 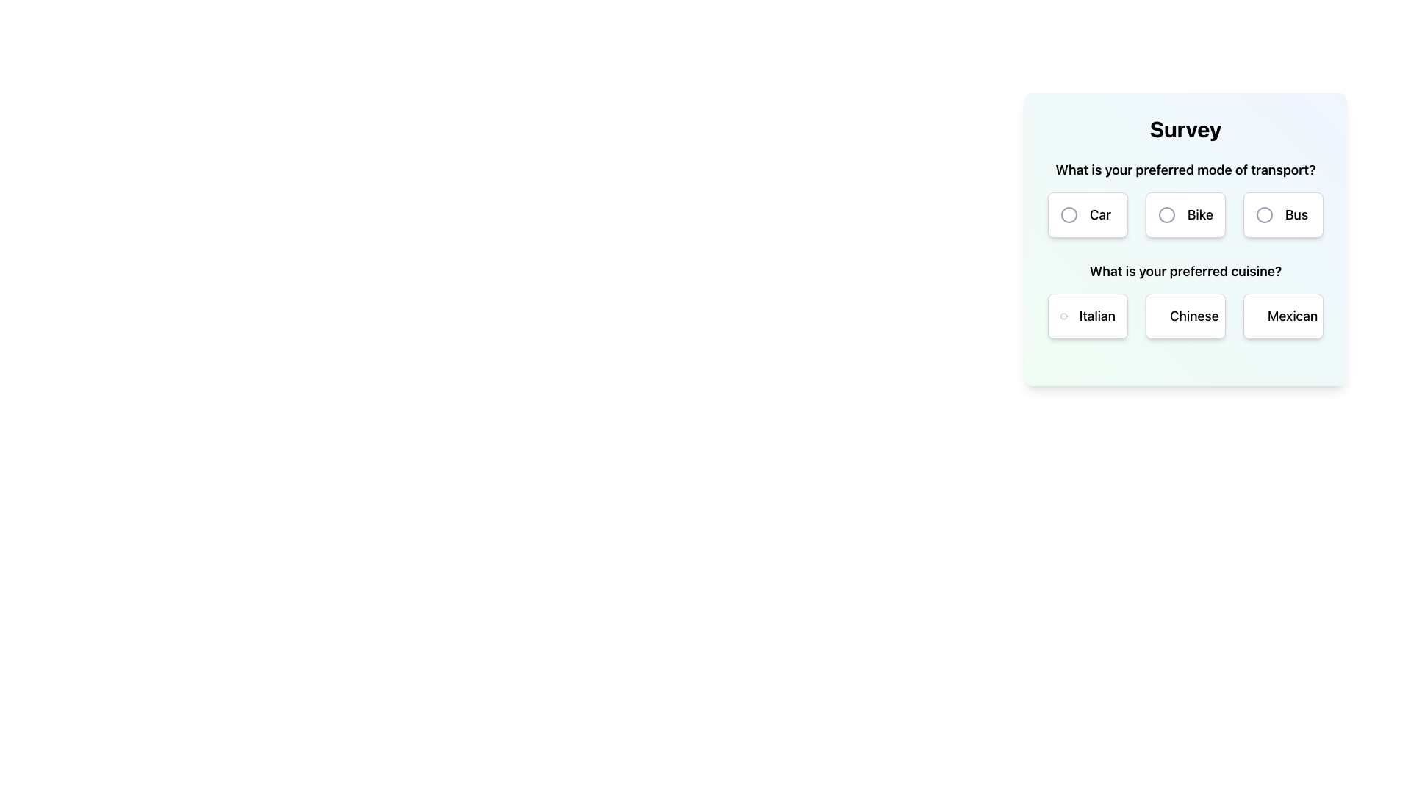 What do you see at coordinates (1185, 215) in the screenshot?
I see `the 'Bike' option button, which is the middle item in a horizontal set of three transport options` at bounding box center [1185, 215].